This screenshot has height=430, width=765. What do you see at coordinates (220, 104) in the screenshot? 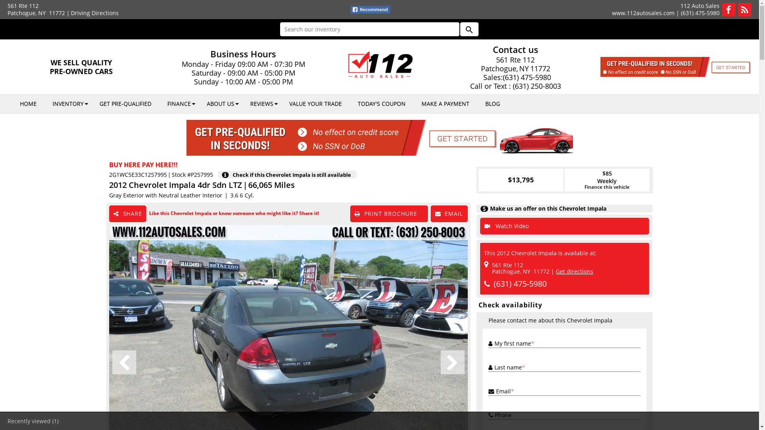
I see `'ABOUT US'` at bounding box center [220, 104].